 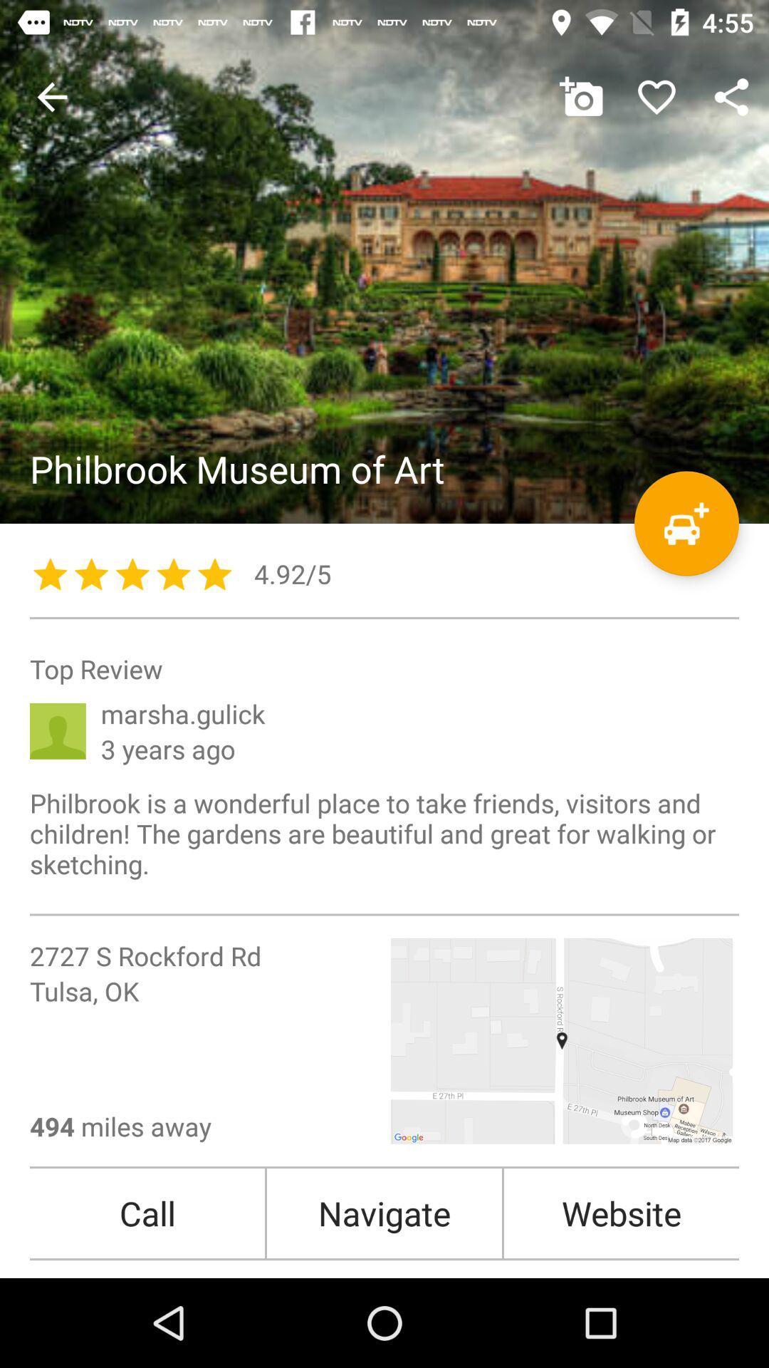 What do you see at coordinates (384, 261) in the screenshot?
I see `connect to site` at bounding box center [384, 261].